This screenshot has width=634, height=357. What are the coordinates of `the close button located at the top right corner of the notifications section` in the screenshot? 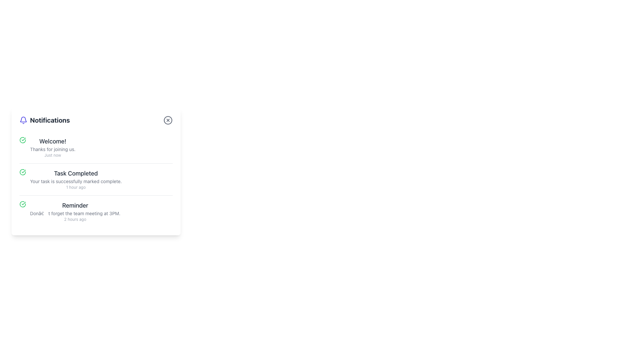 It's located at (168, 120).